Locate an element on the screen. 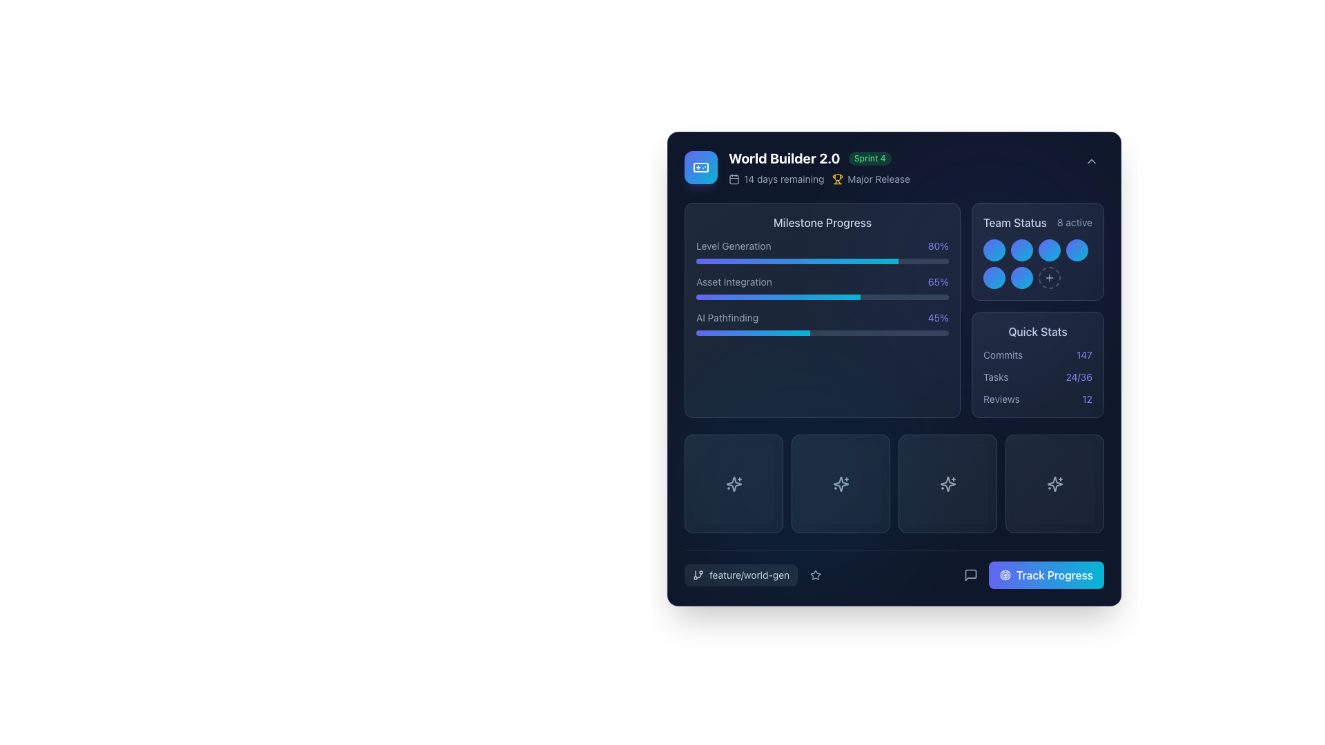 The height and width of the screenshot is (745, 1325). the text label that indicates the completion percentage of the 'Asset Integration' milestone, located in the right part of the 'Asset Integration' row within the 'Milestone Progress' section is located at coordinates (938, 281).